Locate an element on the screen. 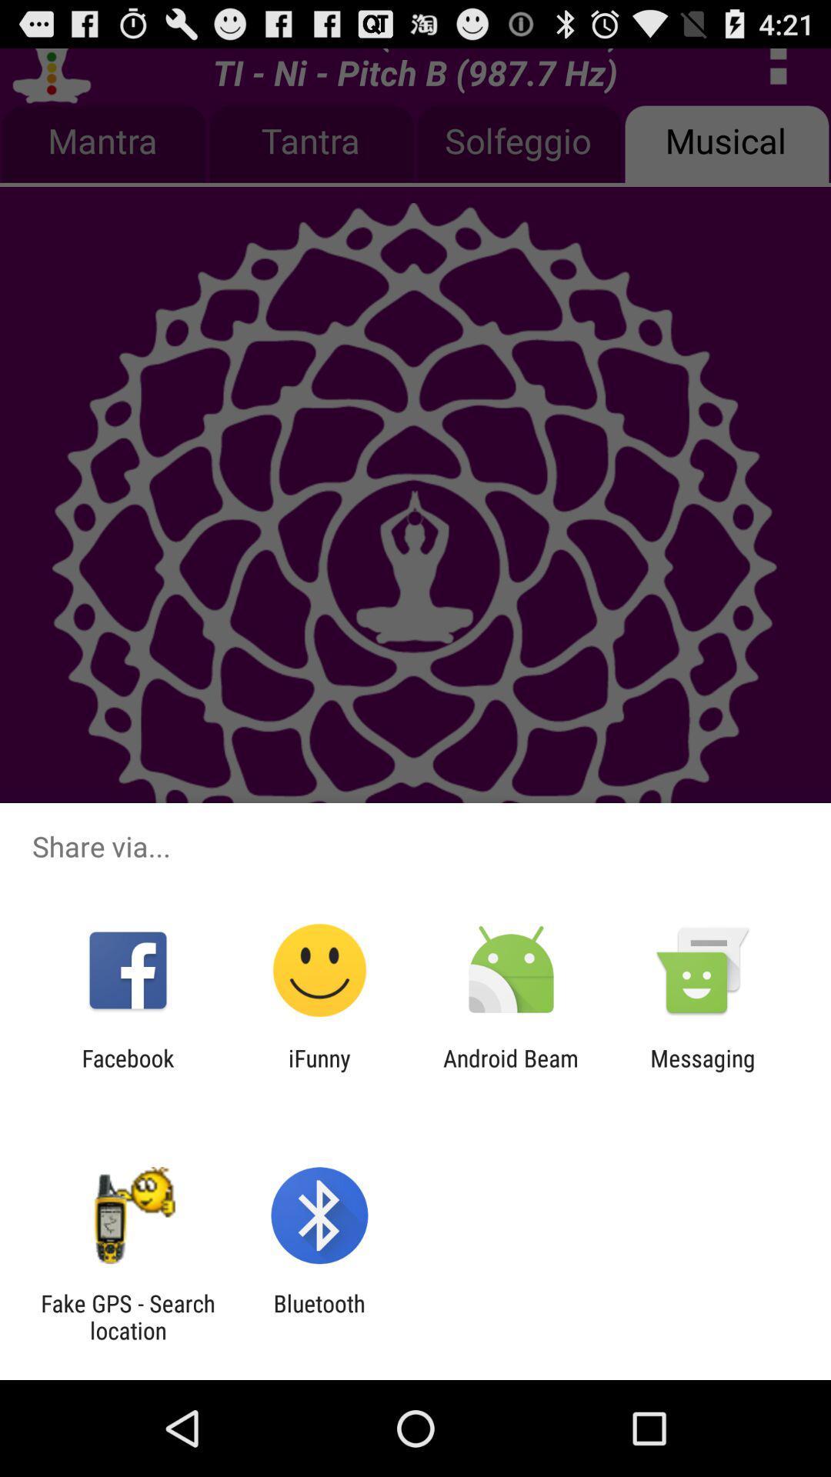  the fake gps search app is located at coordinates (127, 1316).